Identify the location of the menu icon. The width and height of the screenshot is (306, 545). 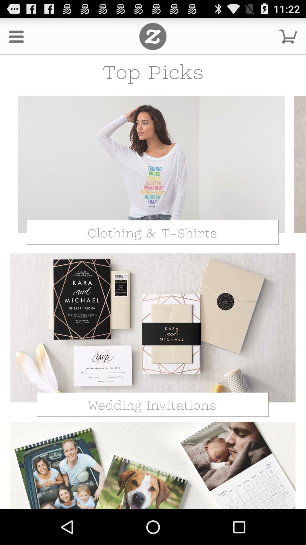
(16, 39).